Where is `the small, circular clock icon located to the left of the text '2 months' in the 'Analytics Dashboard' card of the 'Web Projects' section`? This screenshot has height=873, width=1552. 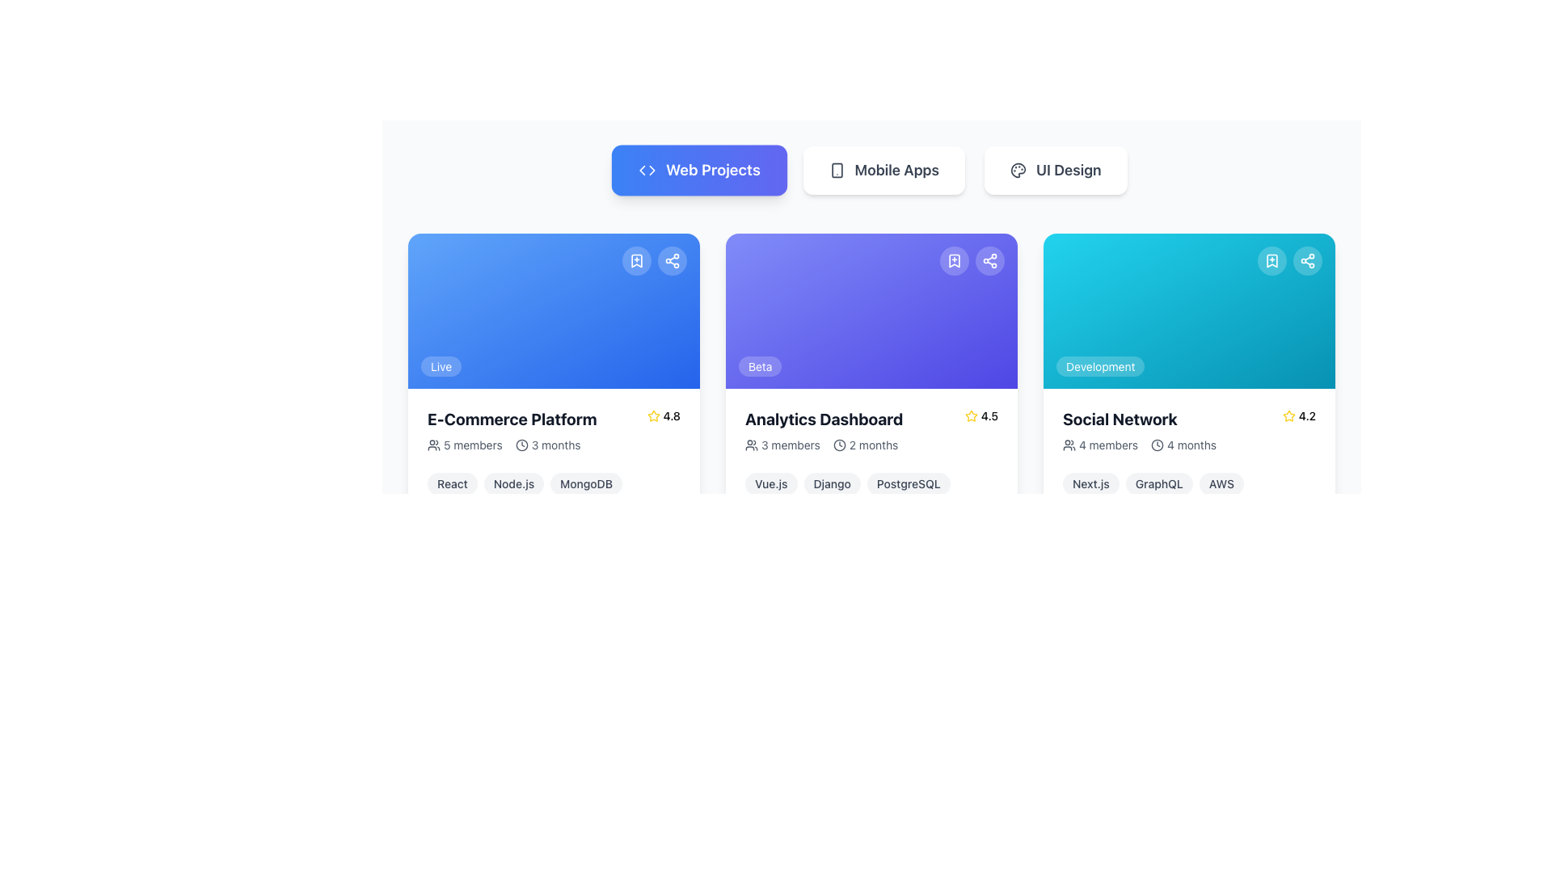
the small, circular clock icon located to the left of the text '2 months' in the 'Analytics Dashboard' card of the 'Web Projects' section is located at coordinates (839, 445).